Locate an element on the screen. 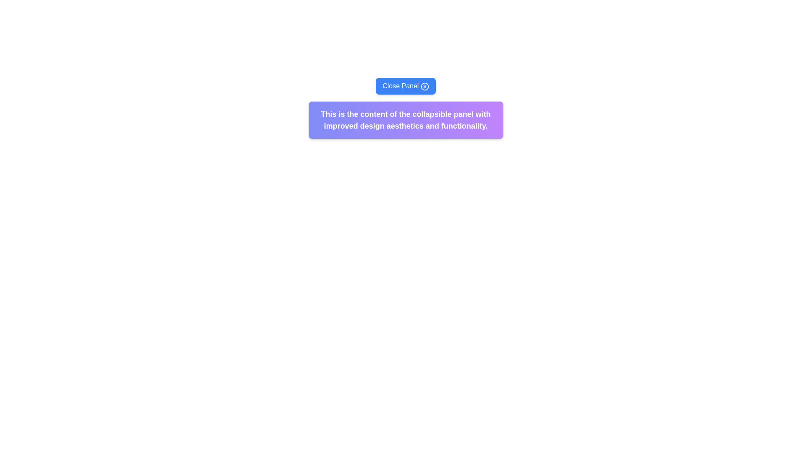  the SVG circle element that represents part of the 'Close' icon, located in the top-right portion of the 'Close Panel' button area, for visual effects is located at coordinates (425, 86).